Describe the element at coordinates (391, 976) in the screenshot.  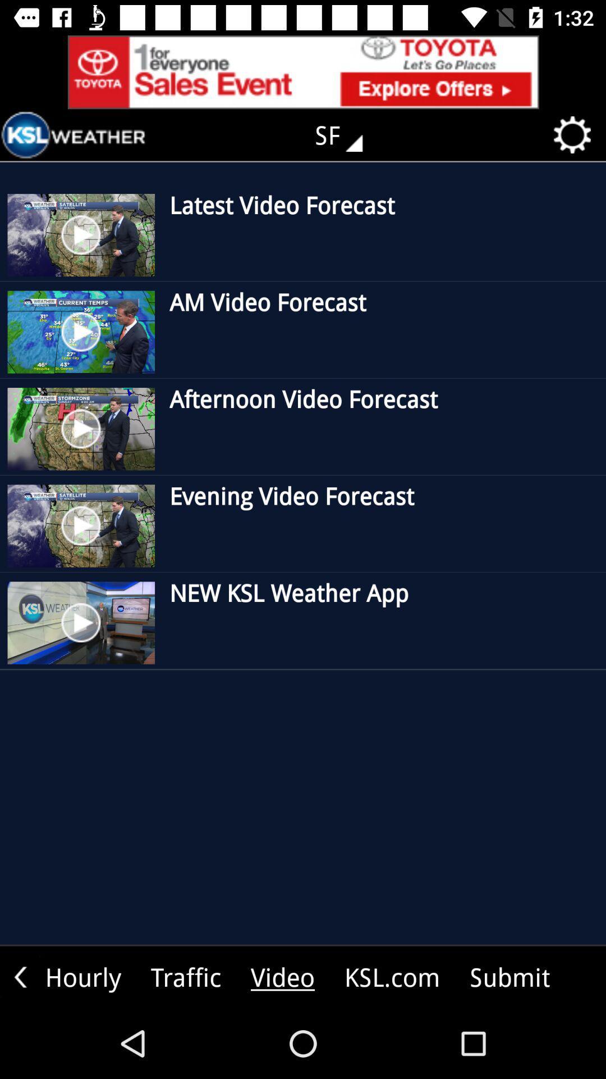
I see `the text beside video` at that location.